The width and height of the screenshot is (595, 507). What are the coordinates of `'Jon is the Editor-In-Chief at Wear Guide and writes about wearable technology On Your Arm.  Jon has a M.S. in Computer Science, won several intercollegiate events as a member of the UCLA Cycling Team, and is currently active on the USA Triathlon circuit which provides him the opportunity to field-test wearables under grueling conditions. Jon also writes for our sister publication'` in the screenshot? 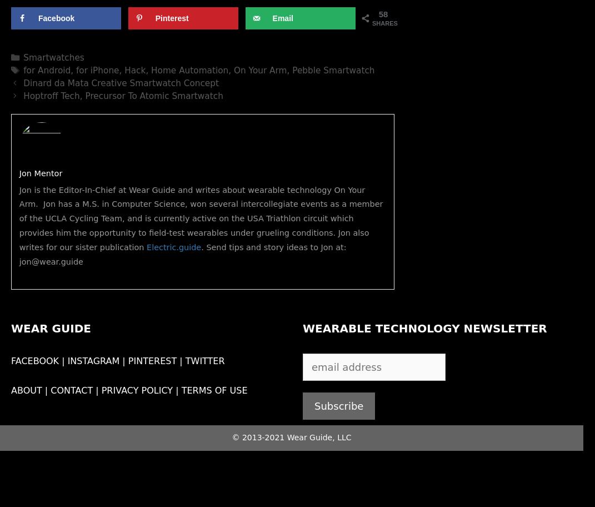 It's located at (200, 218).